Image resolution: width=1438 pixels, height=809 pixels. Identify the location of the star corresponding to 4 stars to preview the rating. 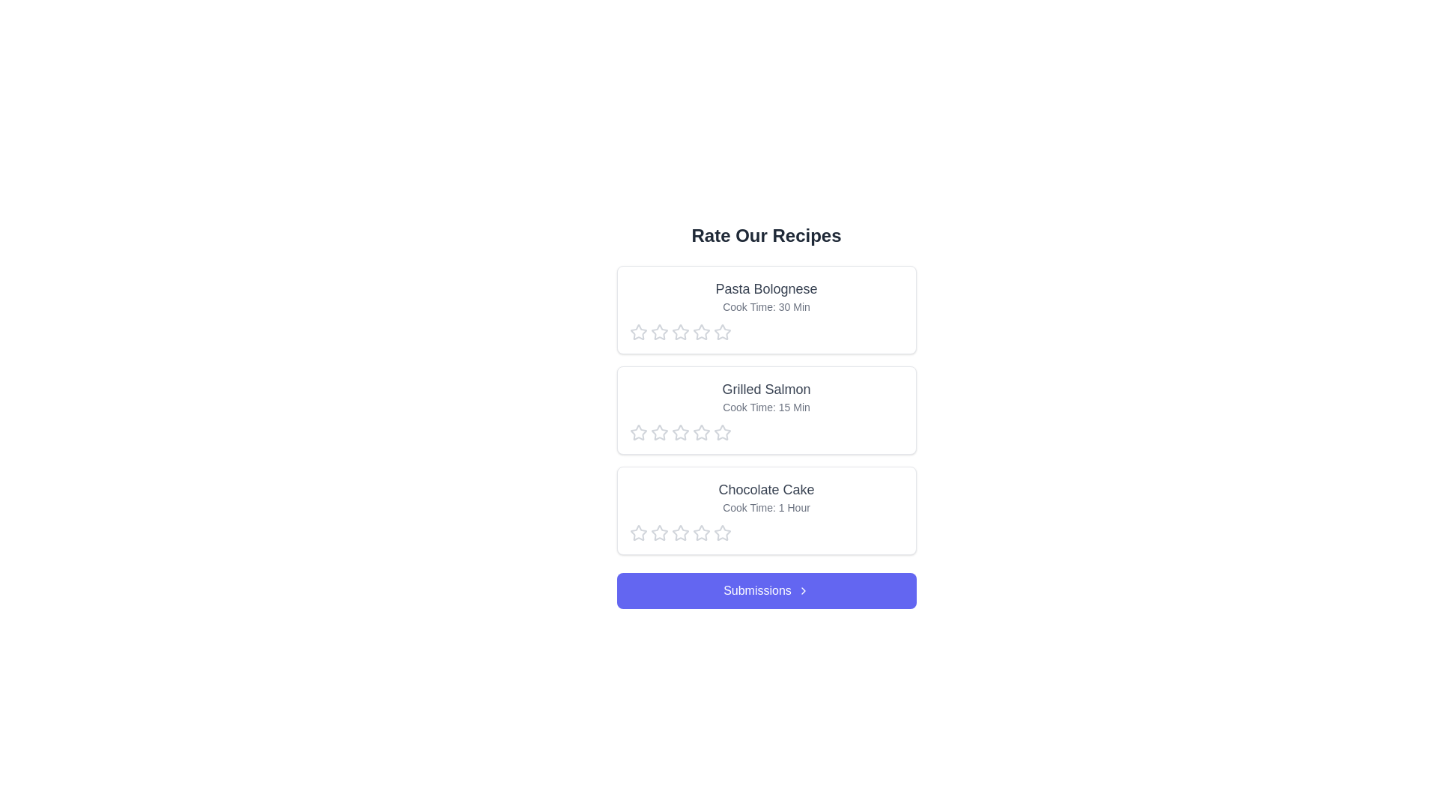
(700, 331).